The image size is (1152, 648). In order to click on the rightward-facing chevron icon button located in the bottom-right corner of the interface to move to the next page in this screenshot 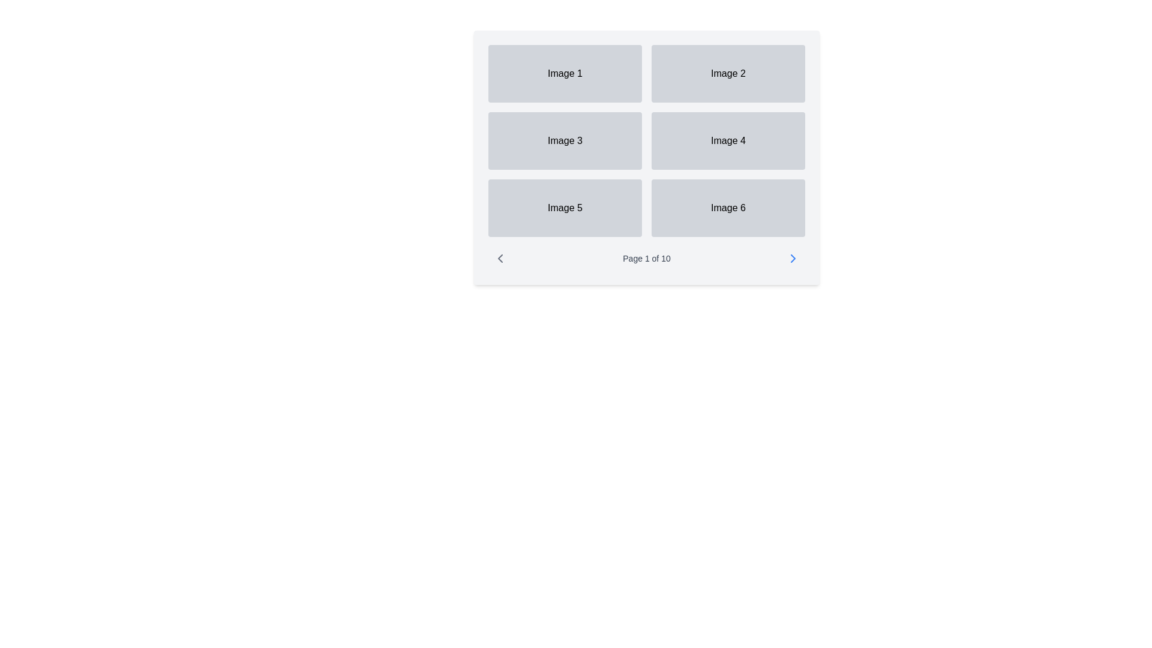, I will do `click(793, 258)`.